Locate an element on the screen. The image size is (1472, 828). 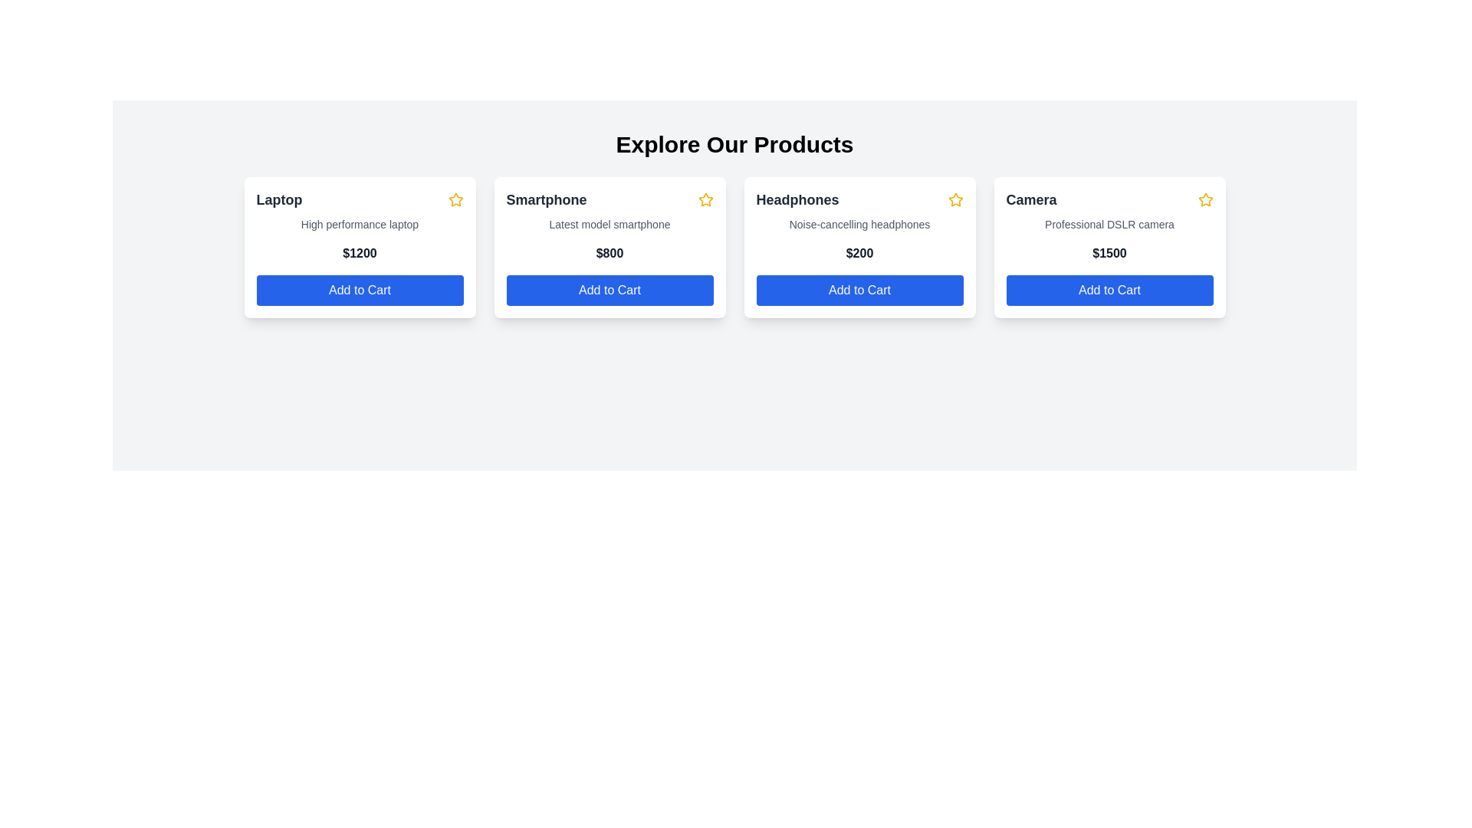
the Text Label that serves as the title for the product in the card layout under 'Explore Our Products' for accessibility is located at coordinates (279, 199).